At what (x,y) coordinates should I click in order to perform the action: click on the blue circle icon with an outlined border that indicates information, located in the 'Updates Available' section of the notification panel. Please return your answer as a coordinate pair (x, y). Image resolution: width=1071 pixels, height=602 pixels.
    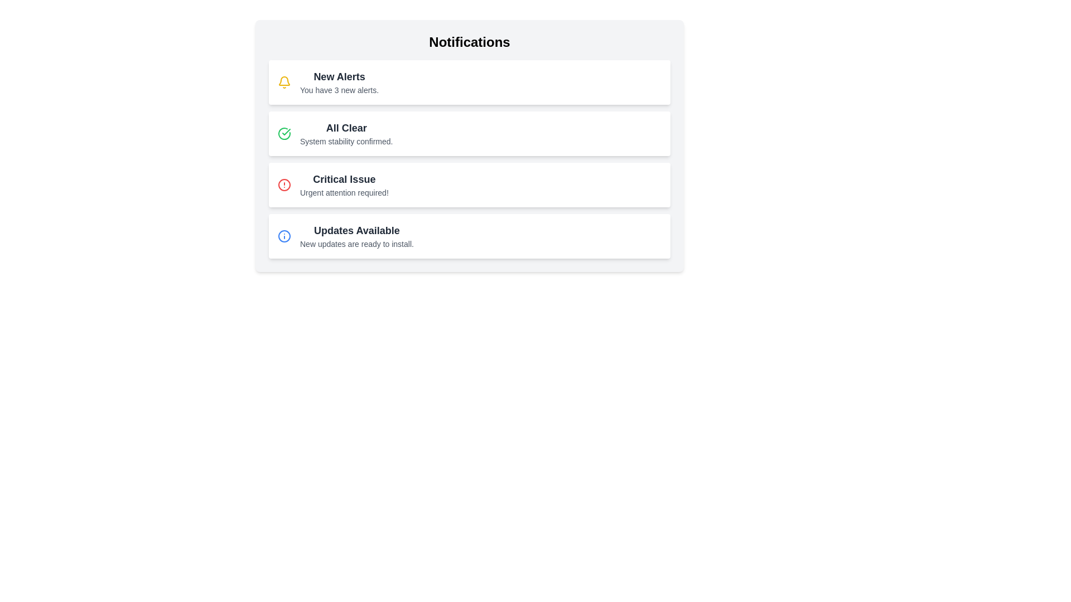
    Looking at the image, I should click on (284, 236).